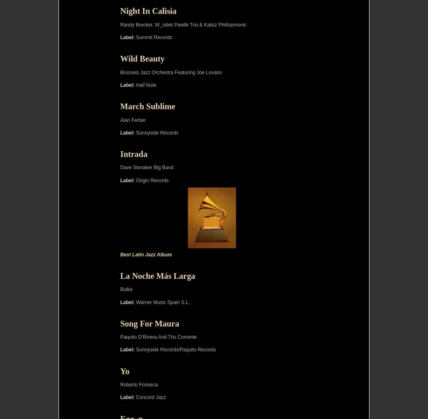  I want to click on 'Randy Brecker, W_odek Pawlik Trio & Kalisz Philharmonic', so click(183, 24).